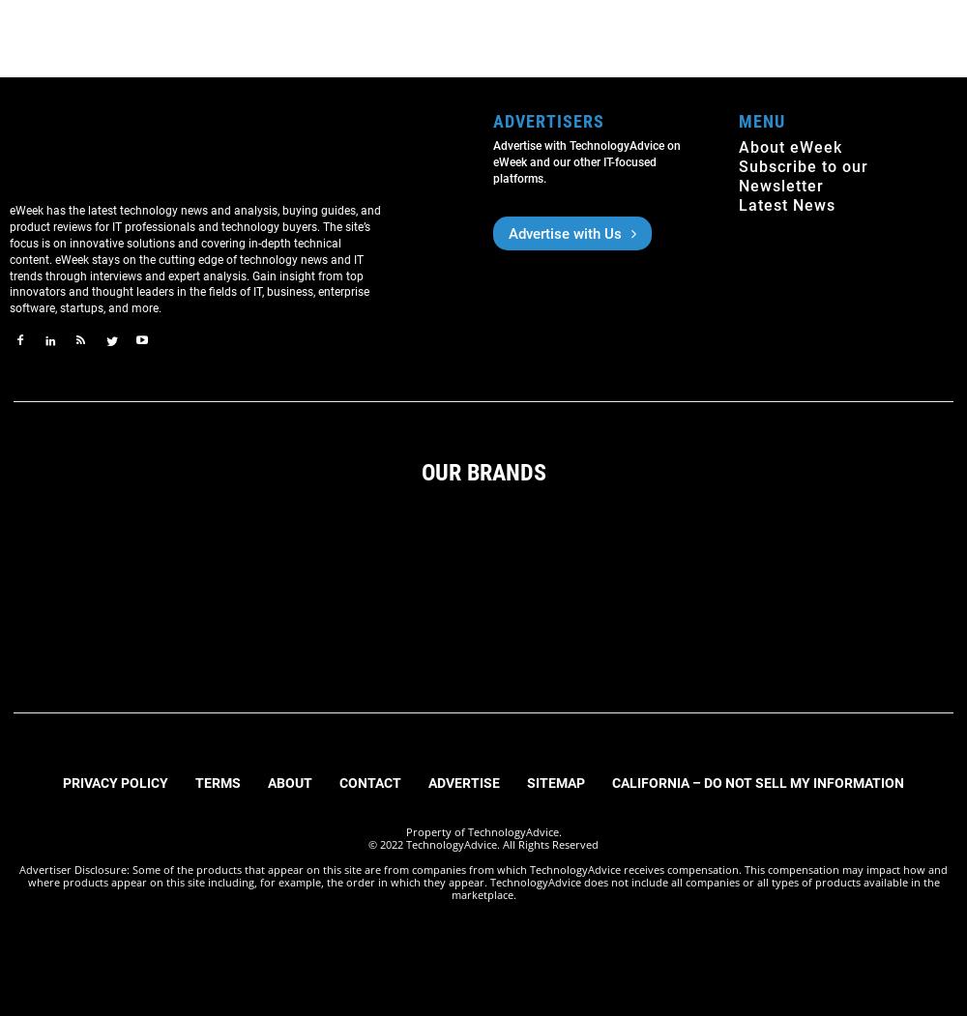 This screenshot has width=967, height=1016. What do you see at coordinates (564, 231) in the screenshot?
I see `'Advertise with Us'` at bounding box center [564, 231].